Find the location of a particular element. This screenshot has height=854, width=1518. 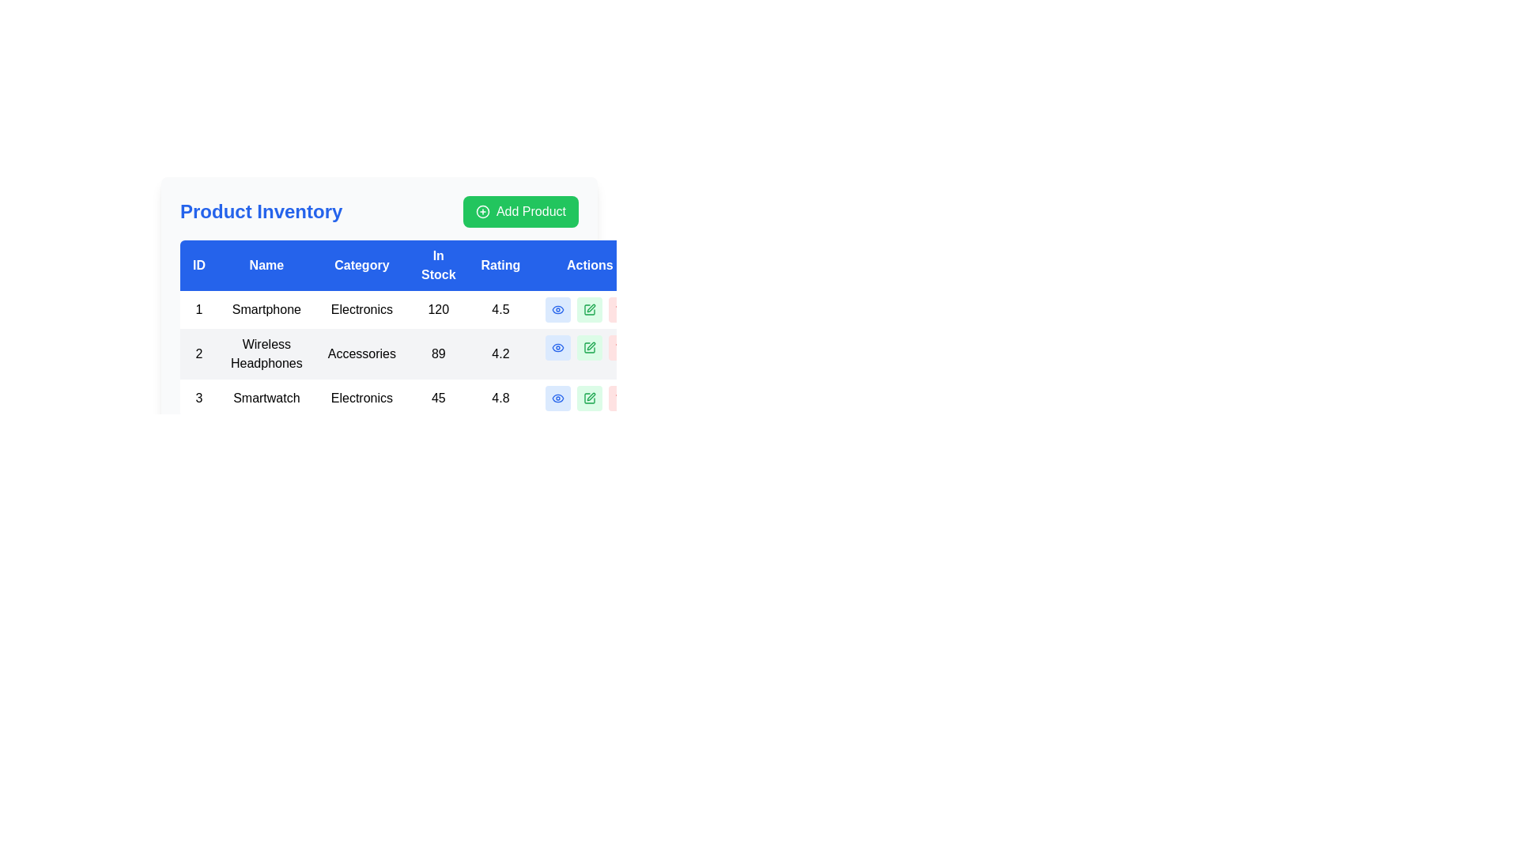

text content of the label displaying the number '1', which is the first item in the leftmost column of the tabular structure labeled 'ID', positioned in the same row as the entry for 'Smartphone' is located at coordinates (198, 310).